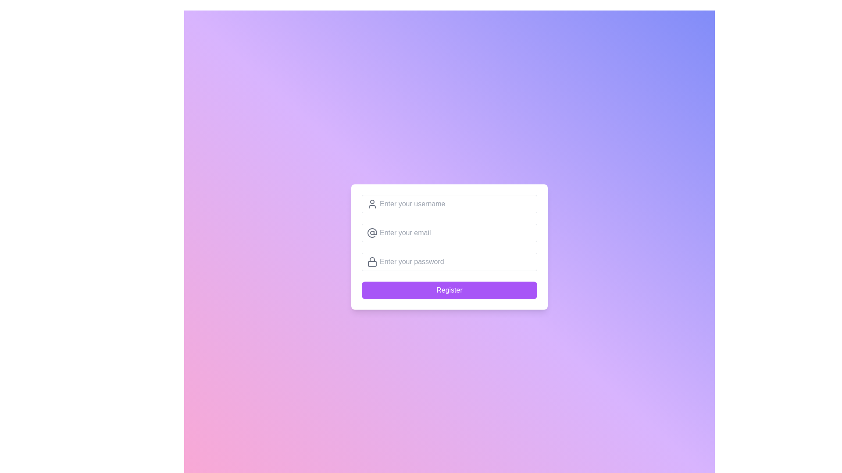 The width and height of the screenshot is (842, 473). I want to click on the user profile icon located on the far left side of the 'Enter your username' input field, which aligns vertically with the center of the input field, so click(372, 204).